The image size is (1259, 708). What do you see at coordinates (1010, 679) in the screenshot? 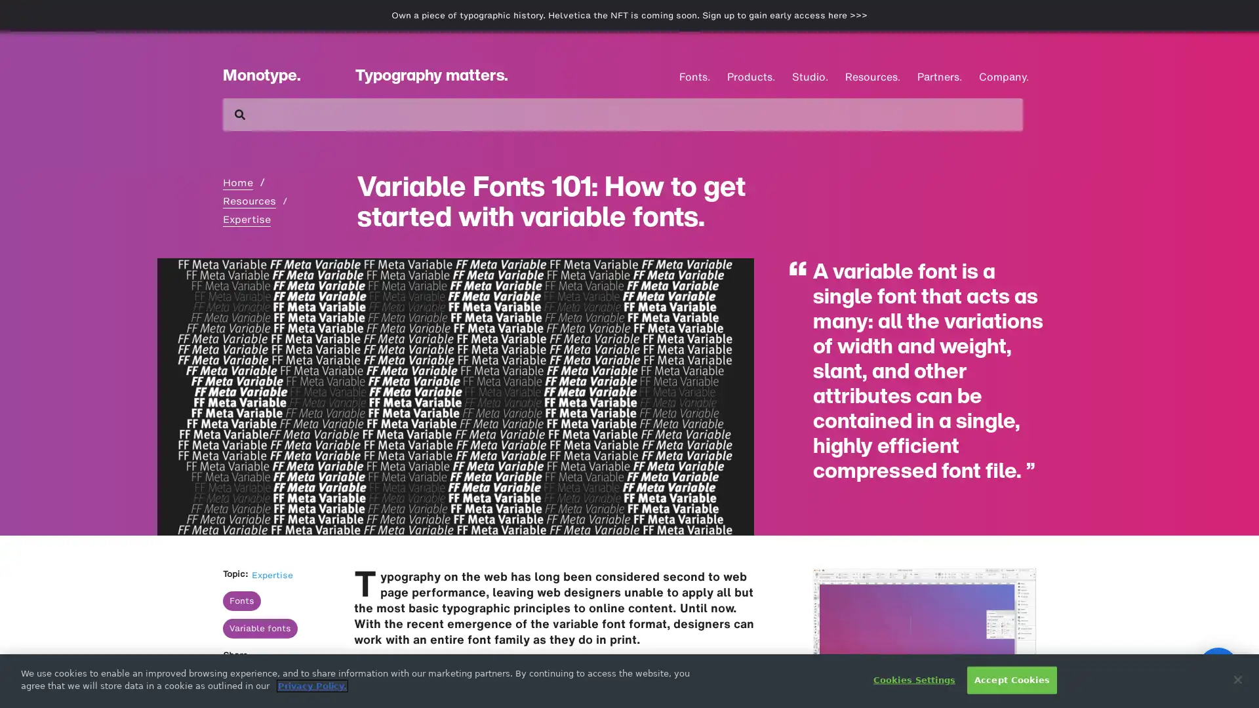
I see `Accept Cookies` at bounding box center [1010, 679].